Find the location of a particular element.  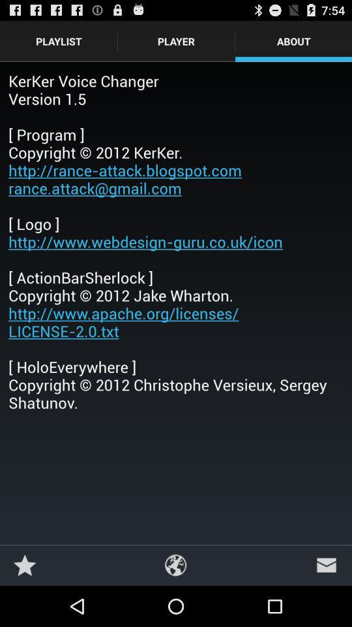

the item at the bottom right corner is located at coordinates (326, 564).